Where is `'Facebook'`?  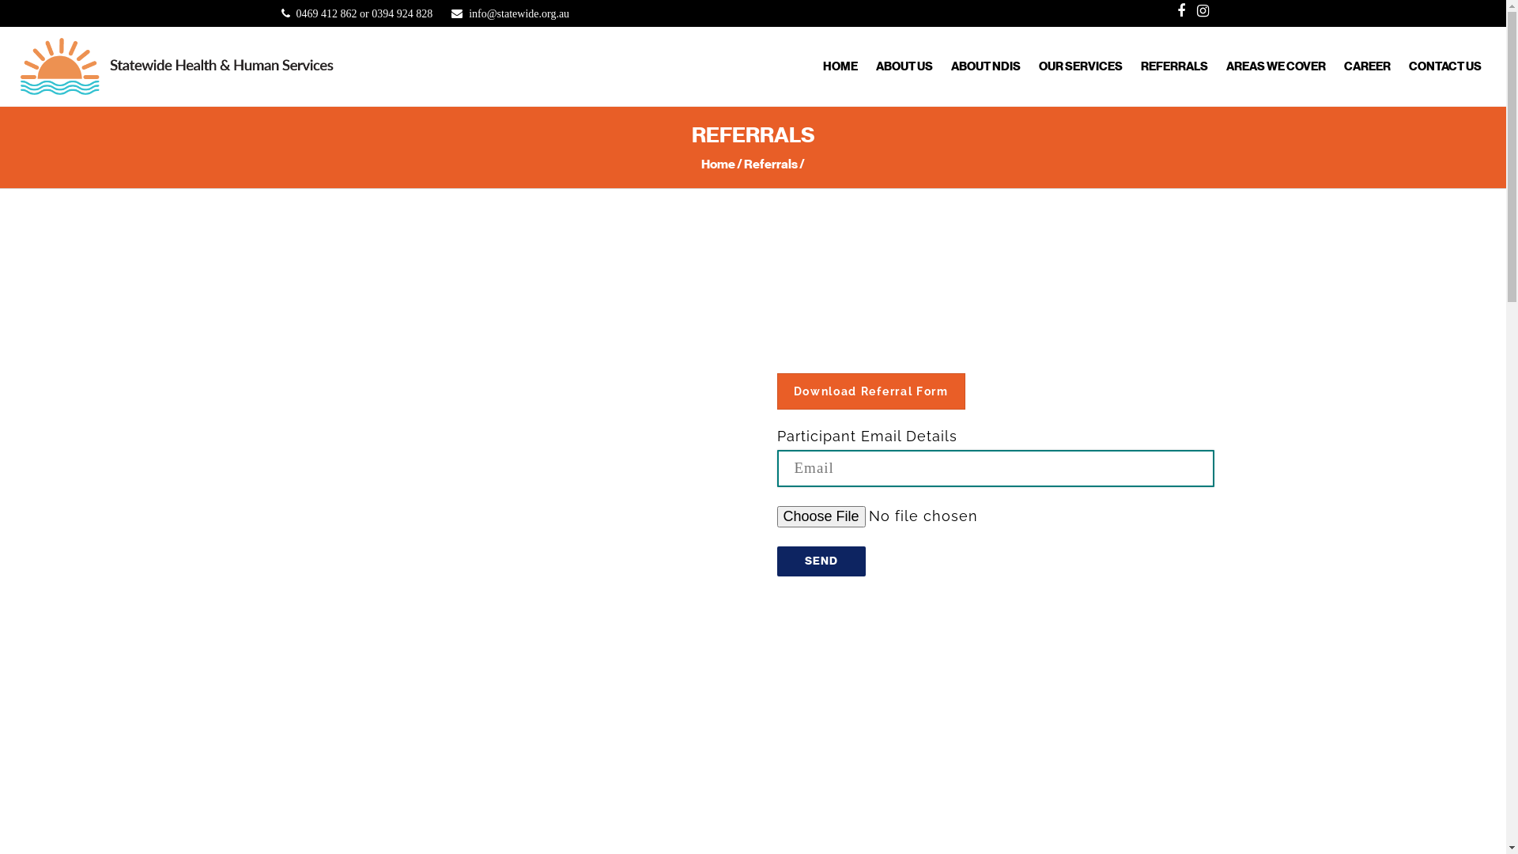
'Facebook' is located at coordinates (1172, 11).